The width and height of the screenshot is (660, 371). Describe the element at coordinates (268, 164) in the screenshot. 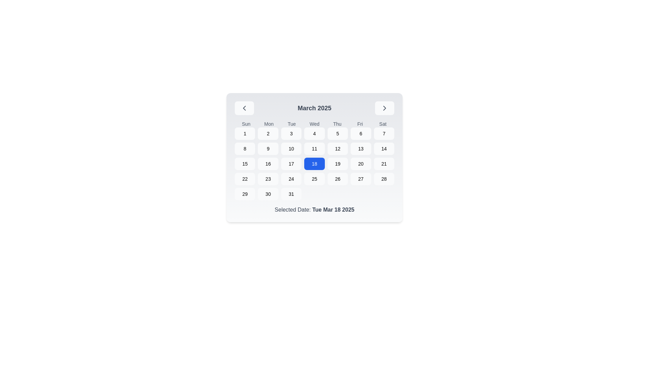

I see `the button representing the date '16' in the calendar interface` at that location.